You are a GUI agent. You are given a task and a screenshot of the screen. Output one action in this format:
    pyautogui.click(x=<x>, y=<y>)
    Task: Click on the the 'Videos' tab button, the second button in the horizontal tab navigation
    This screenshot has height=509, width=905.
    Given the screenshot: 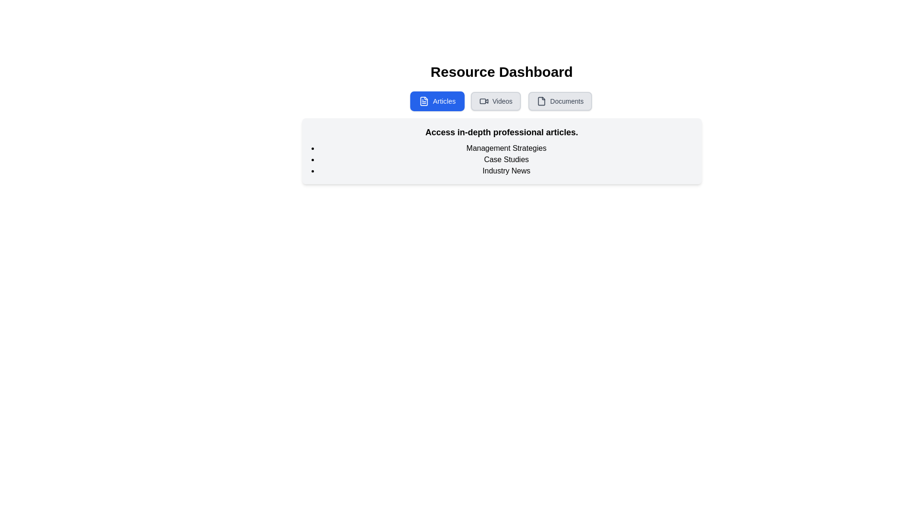 What is the action you would take?
    pyautogui.click(x=495, y=101)
    